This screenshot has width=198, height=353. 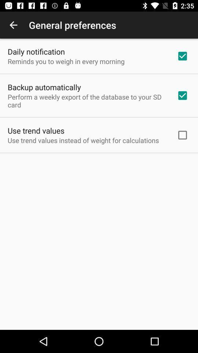 What do you see at coordinates (44, 87) in the screenshot?
I see `backup automatically item` at bounding box center [44, 87].